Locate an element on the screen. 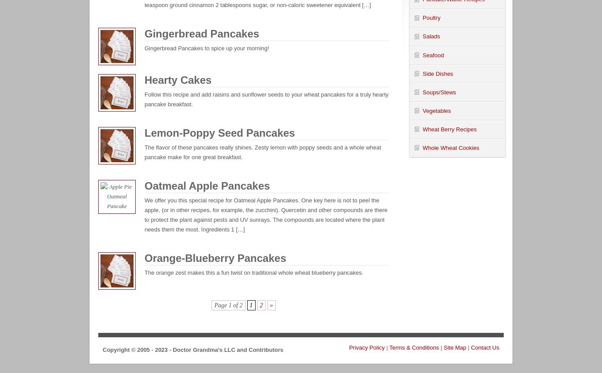 The image size is (602, 373). 'Seafood' is located at coordinates (433, 55).